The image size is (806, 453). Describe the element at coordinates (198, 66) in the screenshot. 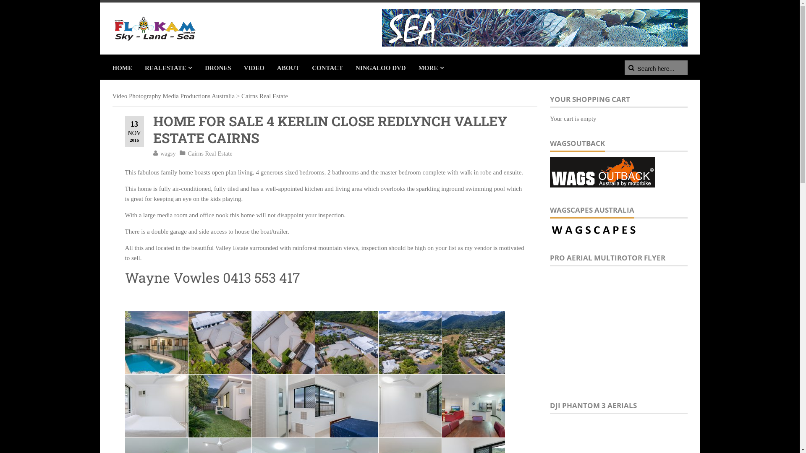

I see `'DRONES'` at that location.